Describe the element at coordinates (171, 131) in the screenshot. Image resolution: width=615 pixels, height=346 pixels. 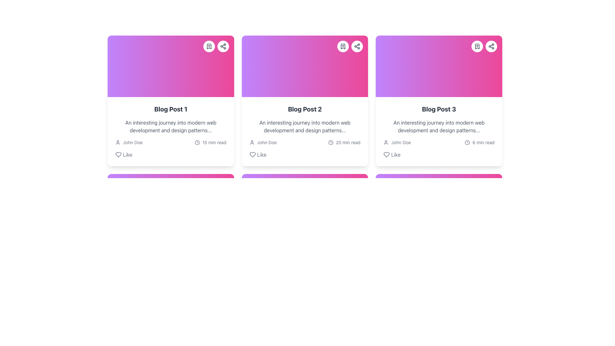
I see `information presented in the blog post summary card located at the top-left corner of the row of similar blog post cards` at that location.